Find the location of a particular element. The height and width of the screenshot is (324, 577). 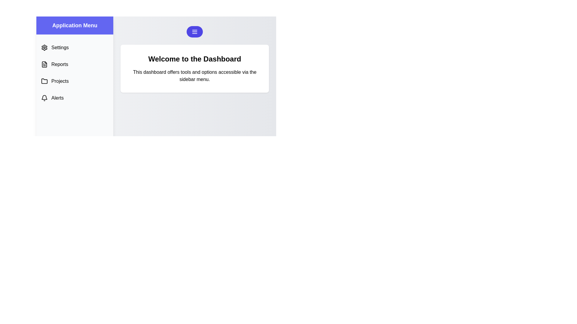

the menu option Settings is located at coordinates (75, 47).